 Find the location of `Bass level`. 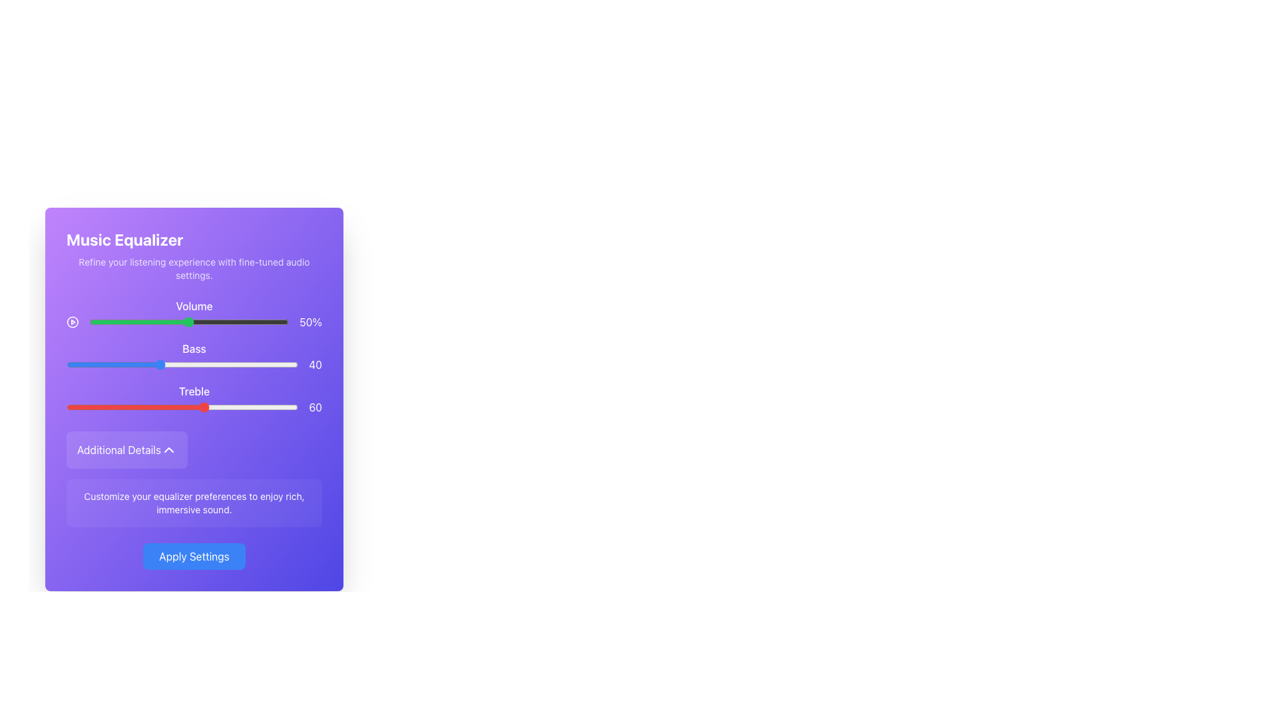

Bass level is located at coordinates (168, 364).